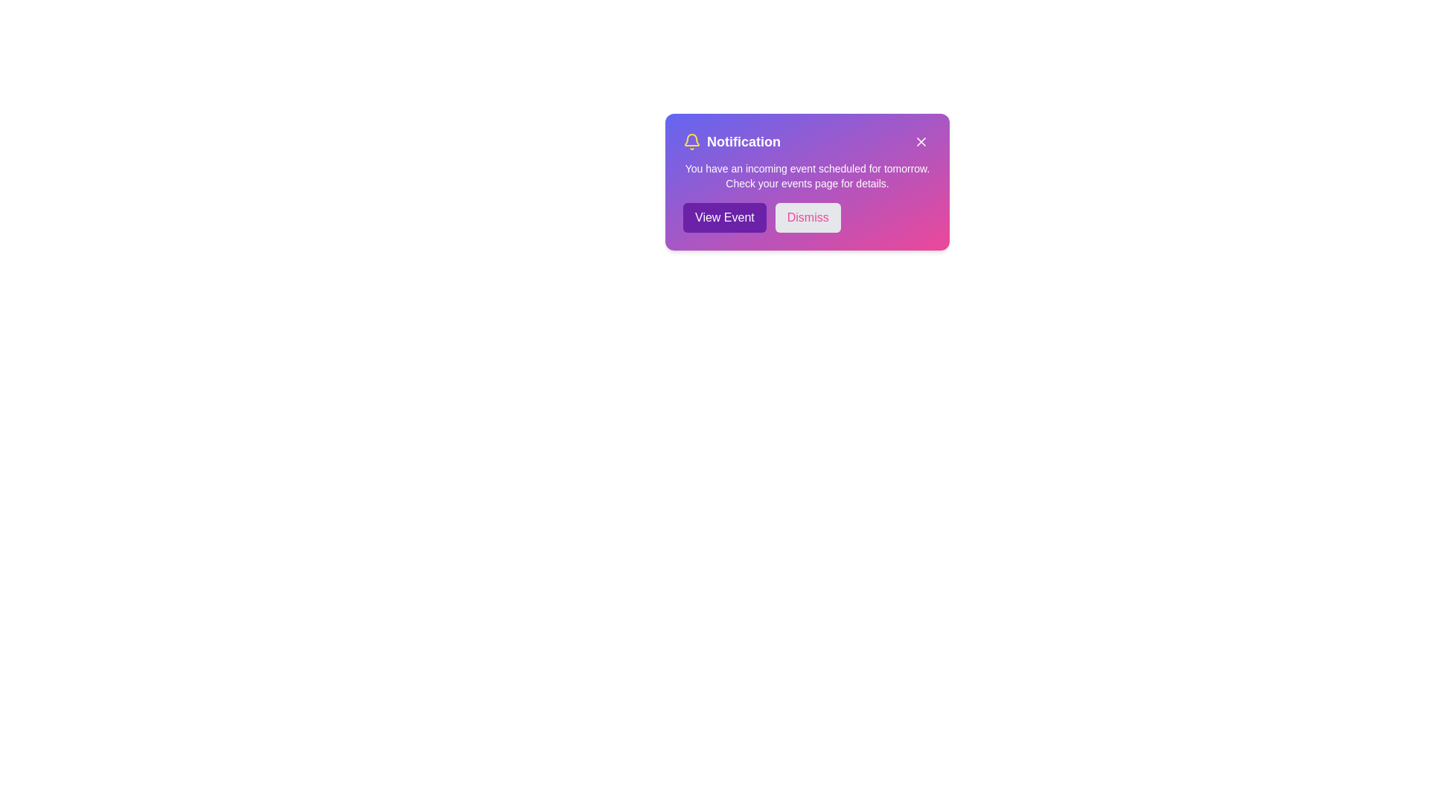 This screenshot has width=1429, height=803. Describe the element at coordinates (807, 218) in the screenshot. I see `the 'Dismiss' button to dismiss the alert` at that location.